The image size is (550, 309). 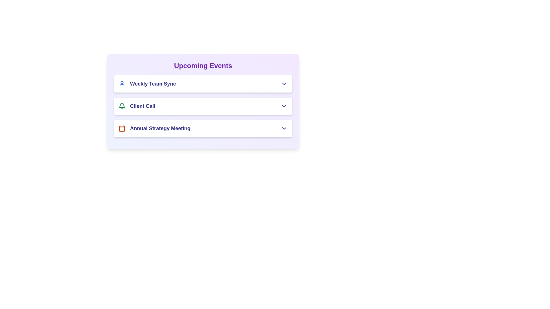 What do you see at coordinates (122, 106) in the screenshot?
I see `the green bell icon located to the left of the 'Client Call' text in the second row of 'Upcoming Events'` at bounding box center [122, 106].